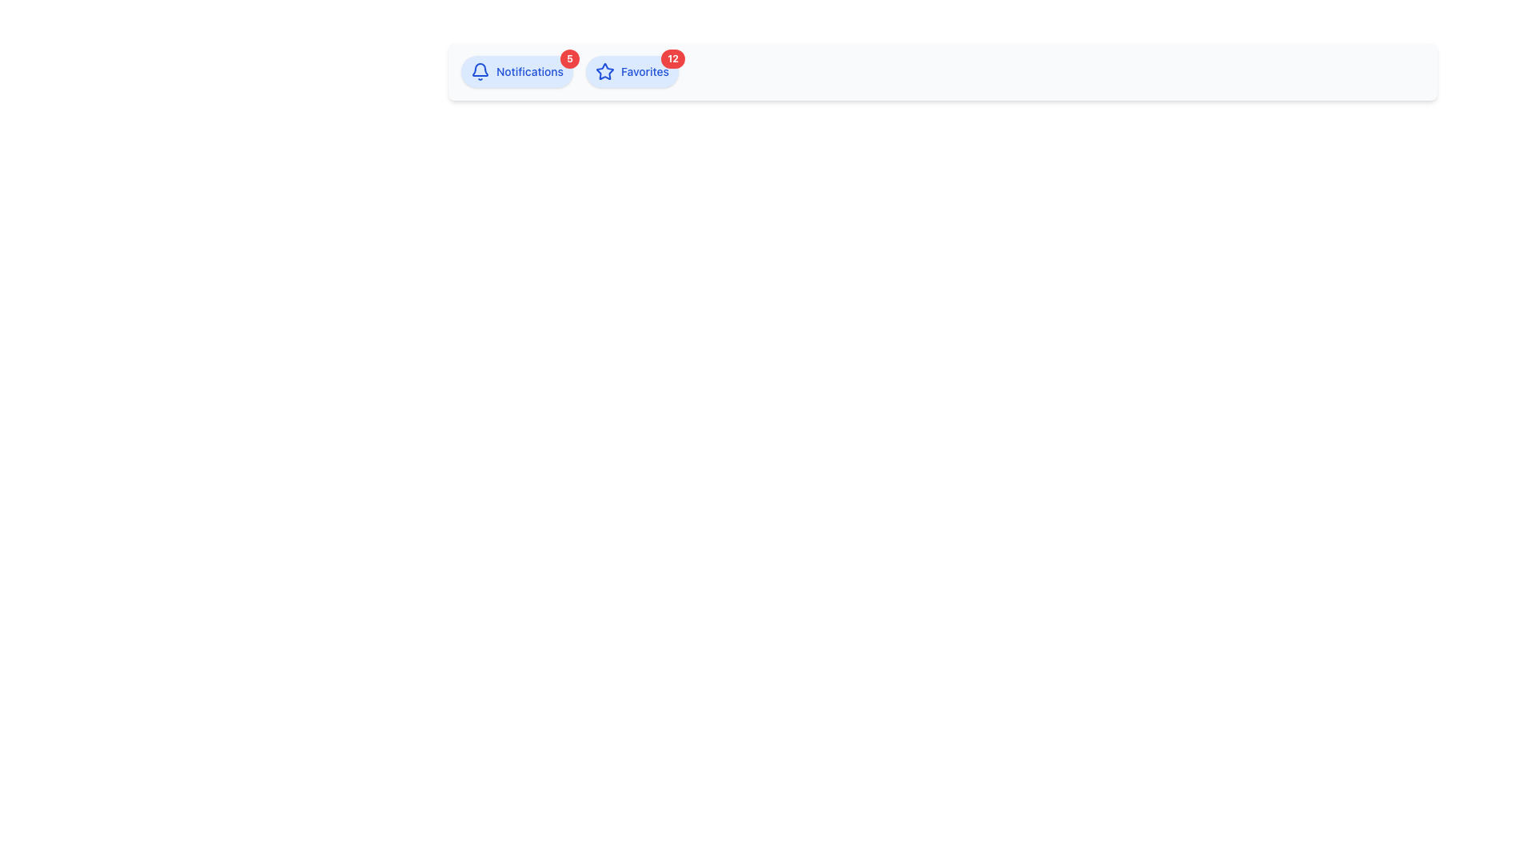 This screenshot has height=863, width=1535. What do you see at coordinates (632, 70) in the screenshot?
I see `the 'Favorites' button, which has a light blue background, rounded edges, and a red badge indicating '12'` at bounding box center [632, 70].